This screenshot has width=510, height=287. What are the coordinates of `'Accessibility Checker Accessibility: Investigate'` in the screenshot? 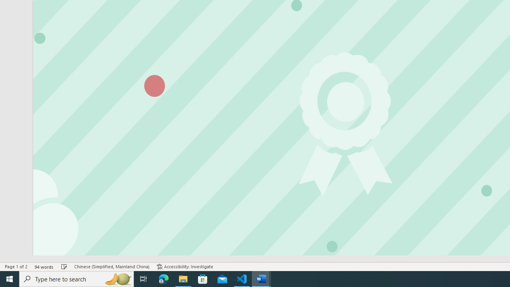 It's located at (184, 267).